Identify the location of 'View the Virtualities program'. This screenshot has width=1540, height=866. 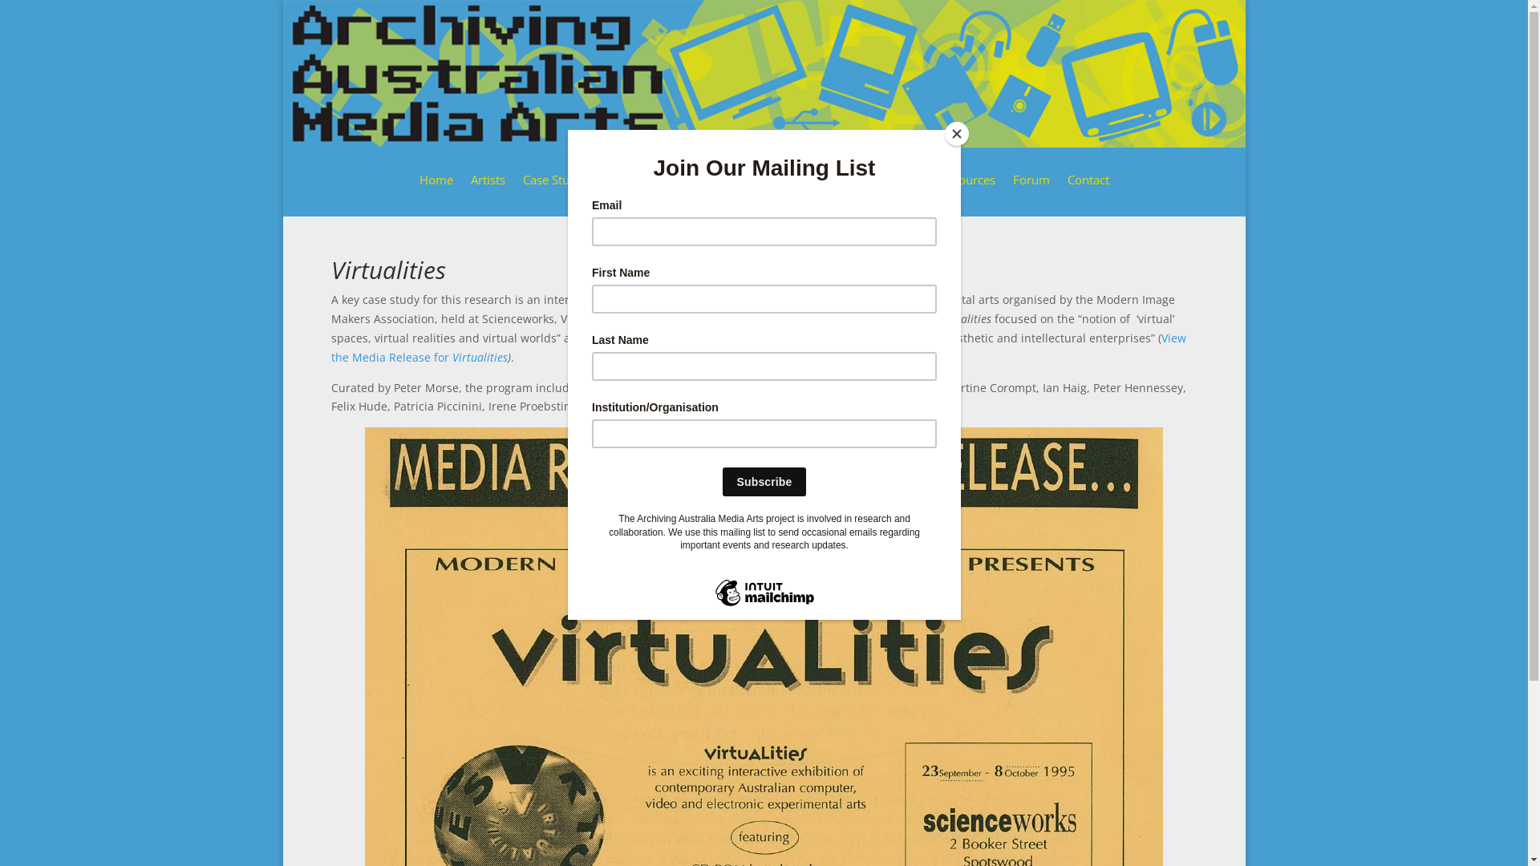
(756, 405).